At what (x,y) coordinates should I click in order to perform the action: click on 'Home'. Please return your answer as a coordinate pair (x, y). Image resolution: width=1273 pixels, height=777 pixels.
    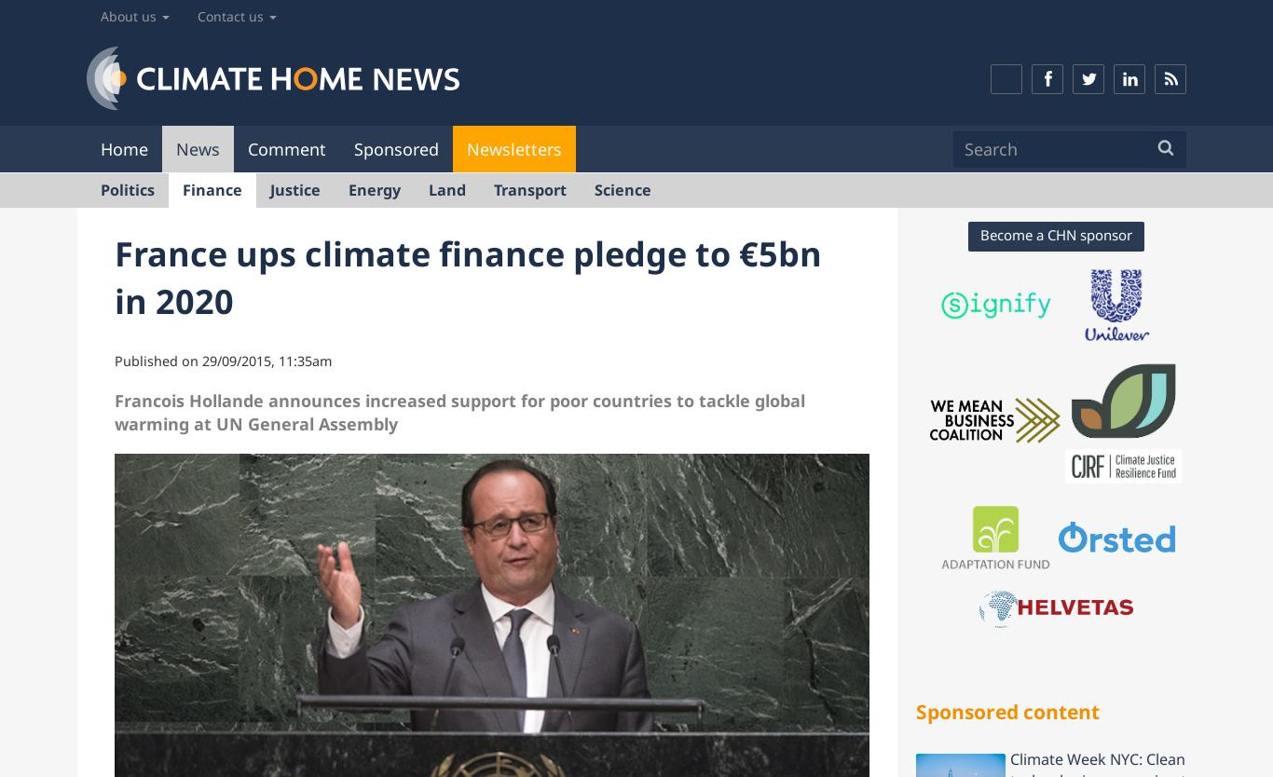
    Looking at the image, I should click on (101, 147).